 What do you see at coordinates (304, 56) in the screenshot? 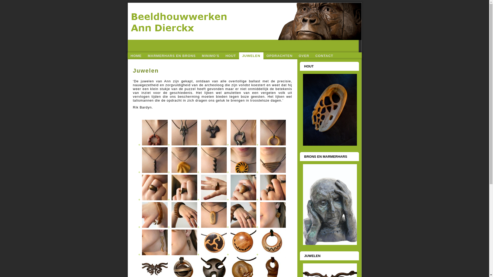
I see `'OVER'` at bounding box center [304, 56].